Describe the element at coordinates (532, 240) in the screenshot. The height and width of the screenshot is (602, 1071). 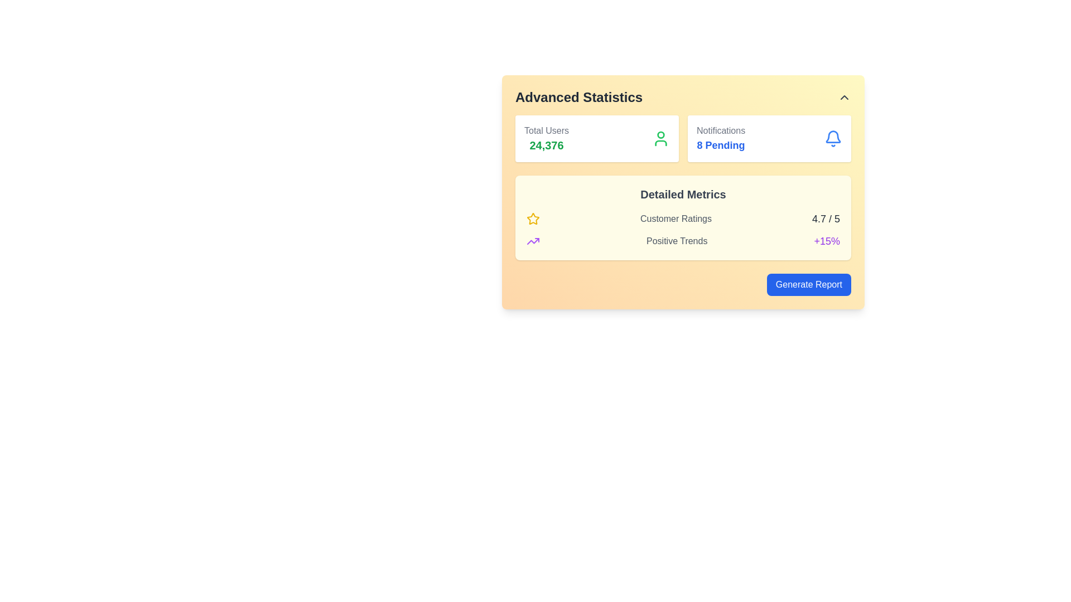
I see `the purple upward trend graph icon located to the left of the 'Positive Trends' text in the 'Detailed Metrics' section of the dashboard` at that location.